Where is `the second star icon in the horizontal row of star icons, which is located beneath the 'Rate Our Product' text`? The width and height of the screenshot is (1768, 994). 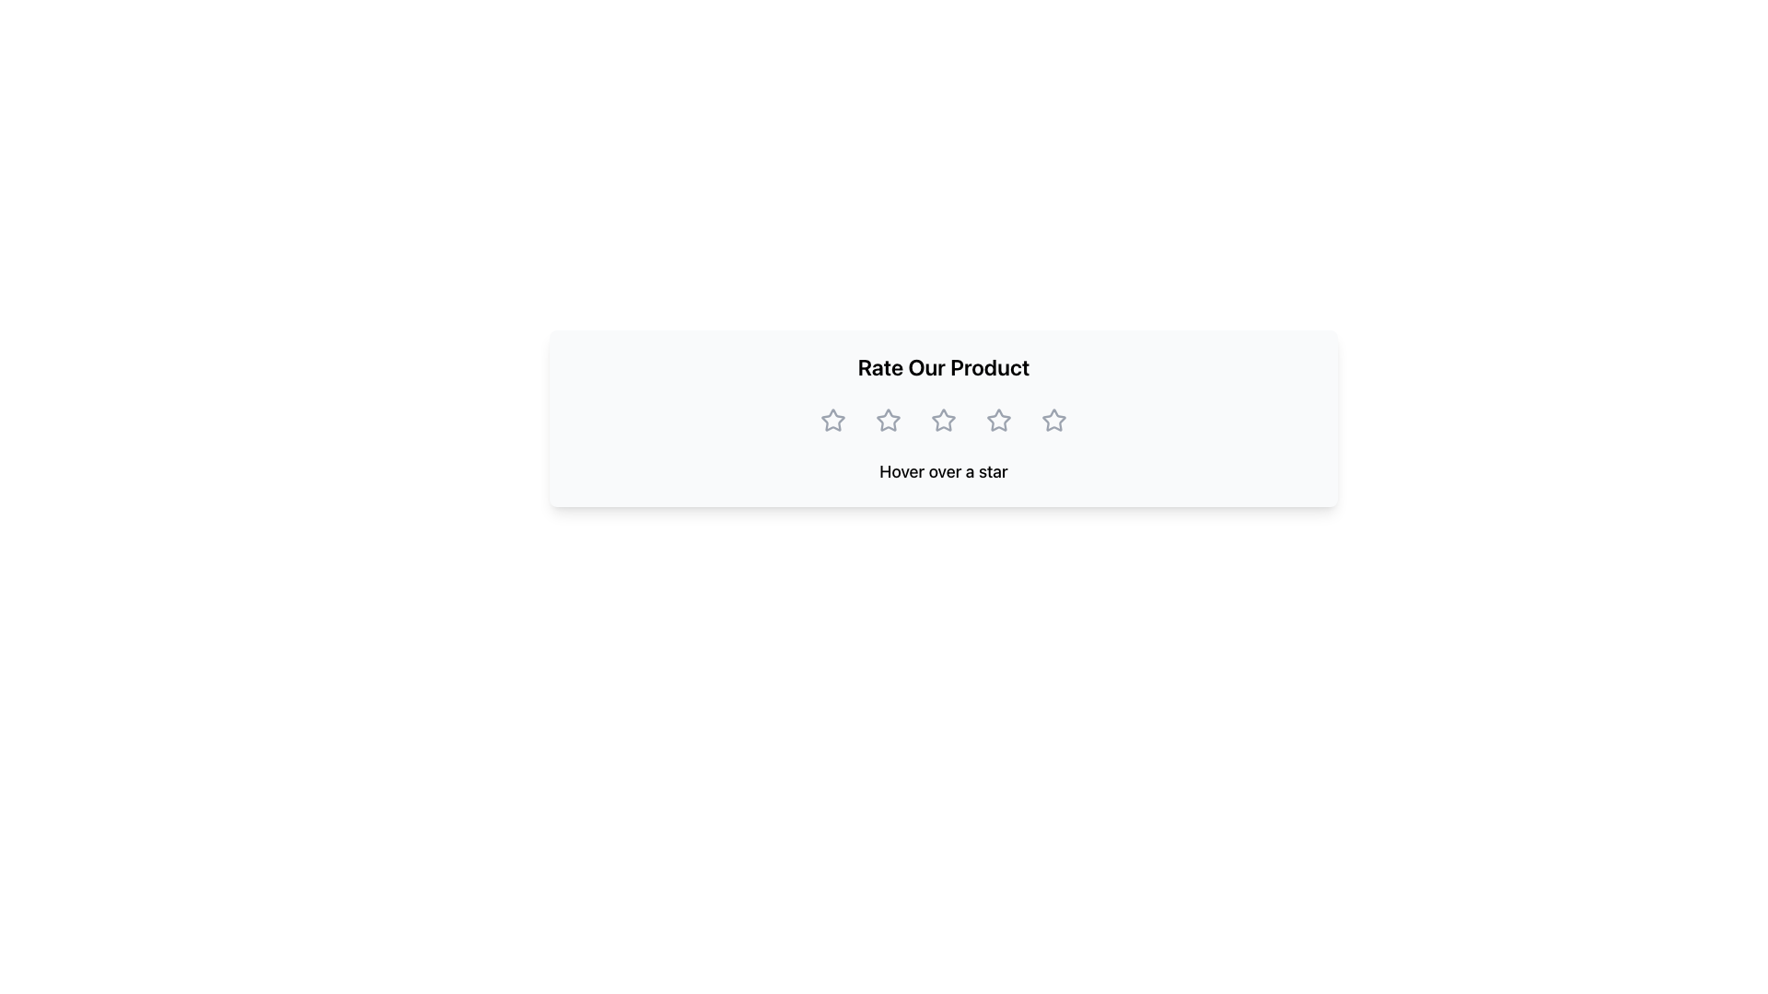
the second star icon in the horizontal row of star icons, which is located beneath the 'Rate Our Product' text is located at coordinates (888, 420).